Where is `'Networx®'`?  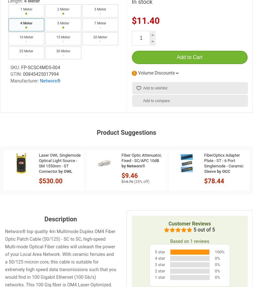 'Networx®' is located at coordinates (40, 81).